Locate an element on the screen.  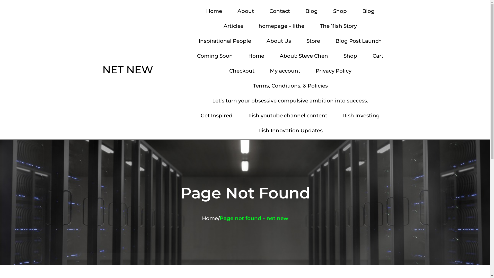
'About Us' is located at coordinates (278, 40).